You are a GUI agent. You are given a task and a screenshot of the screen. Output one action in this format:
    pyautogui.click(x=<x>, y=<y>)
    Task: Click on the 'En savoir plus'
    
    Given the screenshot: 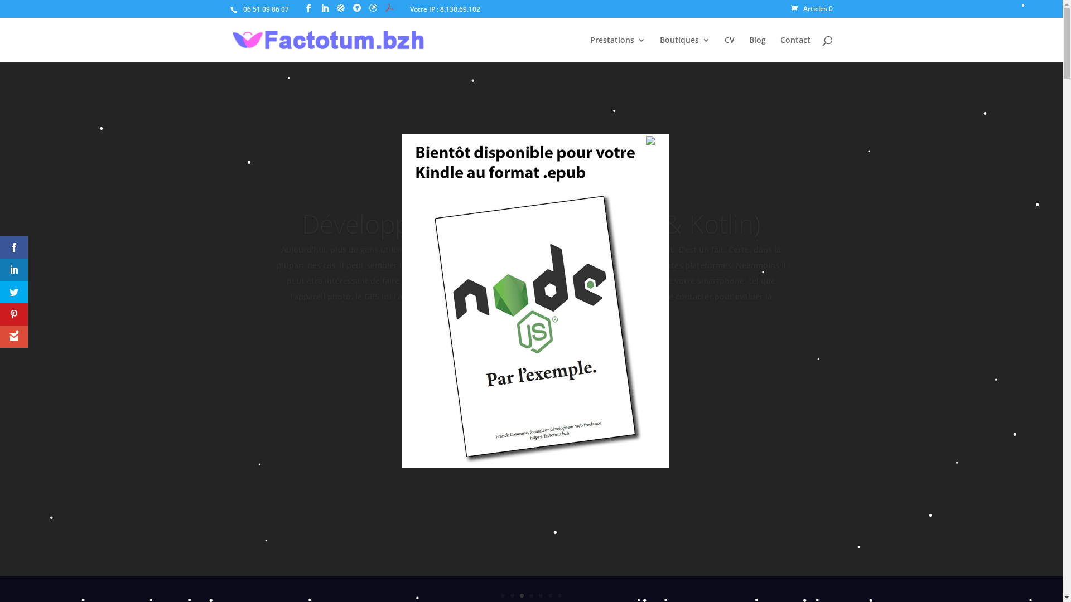 What is the action you would take?
    pyautogui.click(x=530, y=392)
    